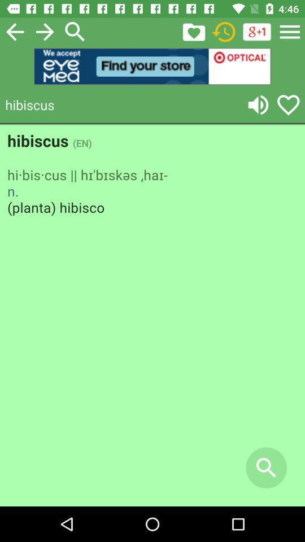  I want to click on next page, so click(44, 31).